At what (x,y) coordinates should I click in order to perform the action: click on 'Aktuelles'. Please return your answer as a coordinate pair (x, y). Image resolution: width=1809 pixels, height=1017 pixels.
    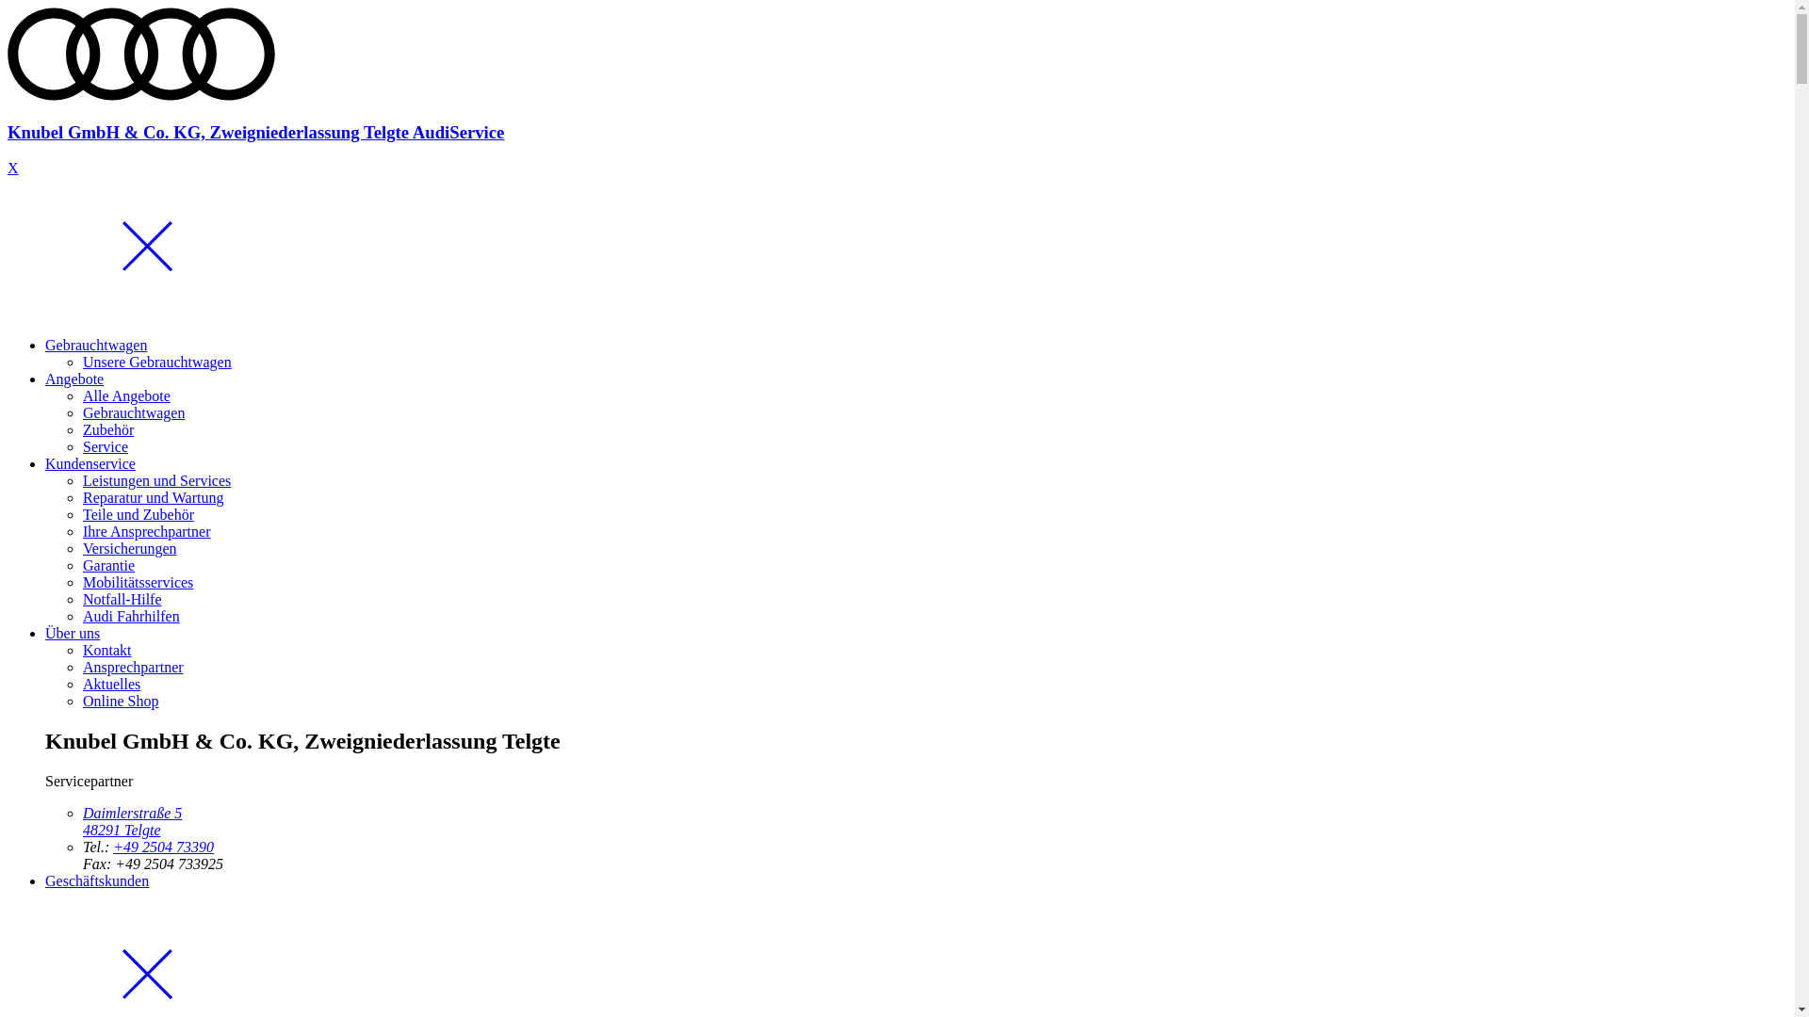
    Looking at the image, I should click on (110, 684).